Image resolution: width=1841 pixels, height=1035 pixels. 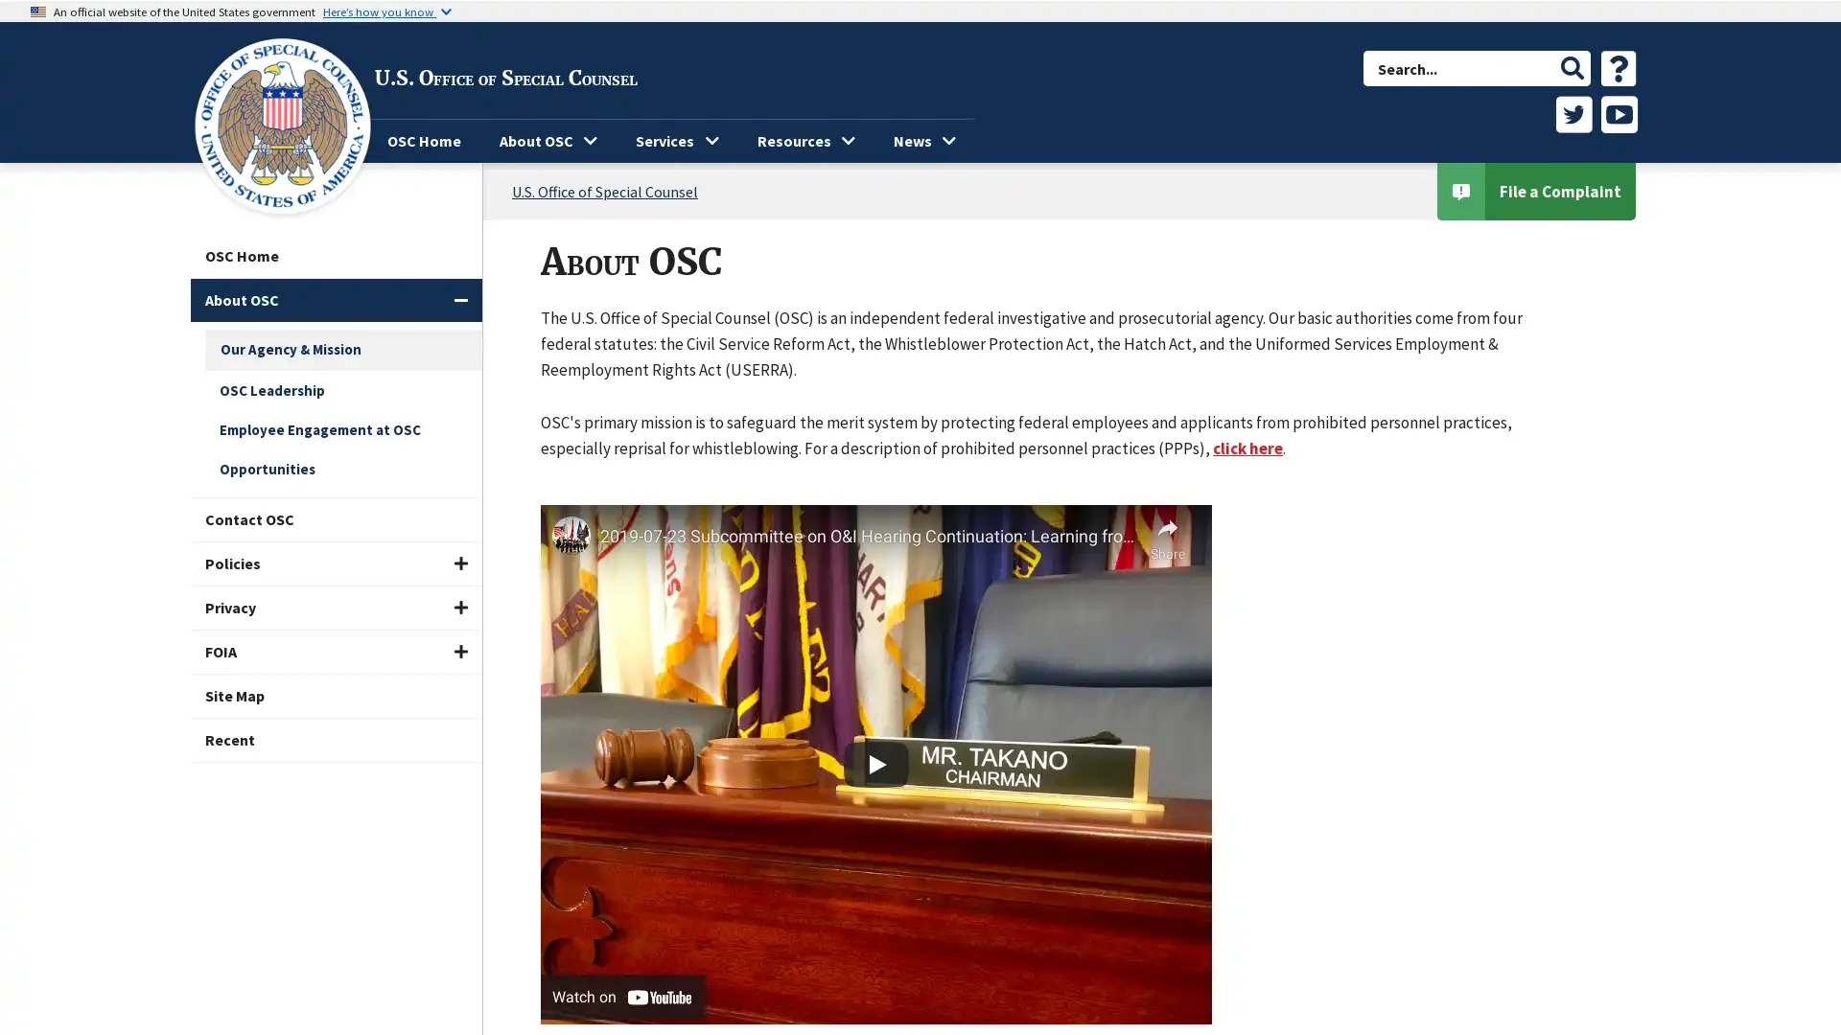 I want to click on Services, so click(x=676, y=140).